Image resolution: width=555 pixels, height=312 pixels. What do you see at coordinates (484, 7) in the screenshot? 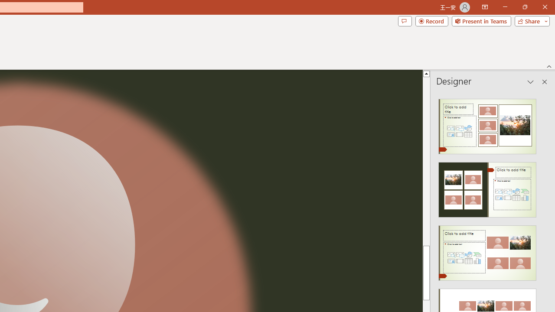
I see `'Ribbon Display Options'` at bounding box center [484, 7].